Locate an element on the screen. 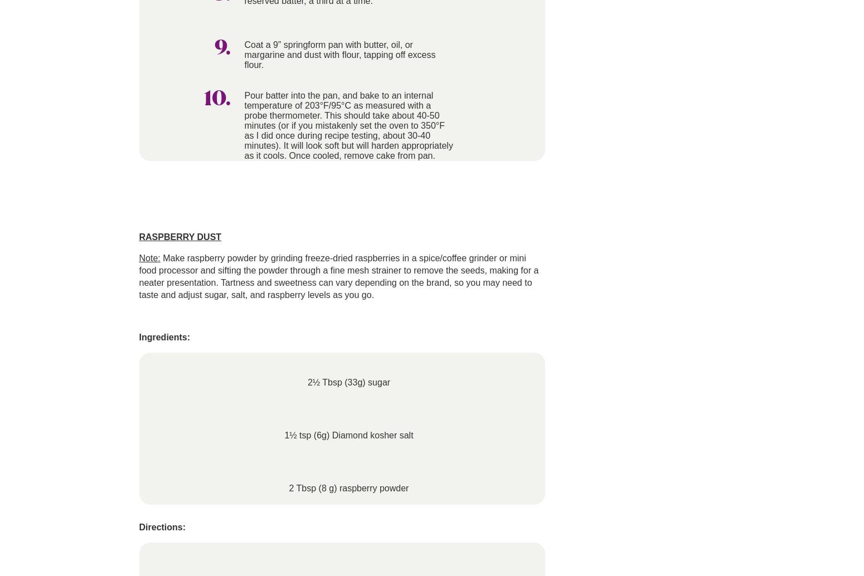 The height and width of the screenshot is (576, 864). 'Make raspberry powder by grinding freeze-dried raspberries in a spice/coffee grinder or mini food processor and sifting the powder through a fine mesh strainer to remove the seeds, making for a neater presentation. Tartness and sweetness can vary depending on the brand, so you may need to taste and adjust sugar, salt, and raspberry levels as you go.' is located at coordinates (338, 276).